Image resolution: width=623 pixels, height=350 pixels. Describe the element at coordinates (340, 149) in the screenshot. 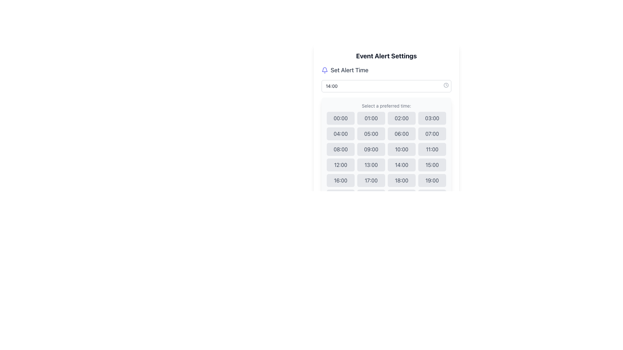

I see `the button labeled '08:00', which is the ninth button in a 4-column grid layout, located on the third row, first column` at that location.